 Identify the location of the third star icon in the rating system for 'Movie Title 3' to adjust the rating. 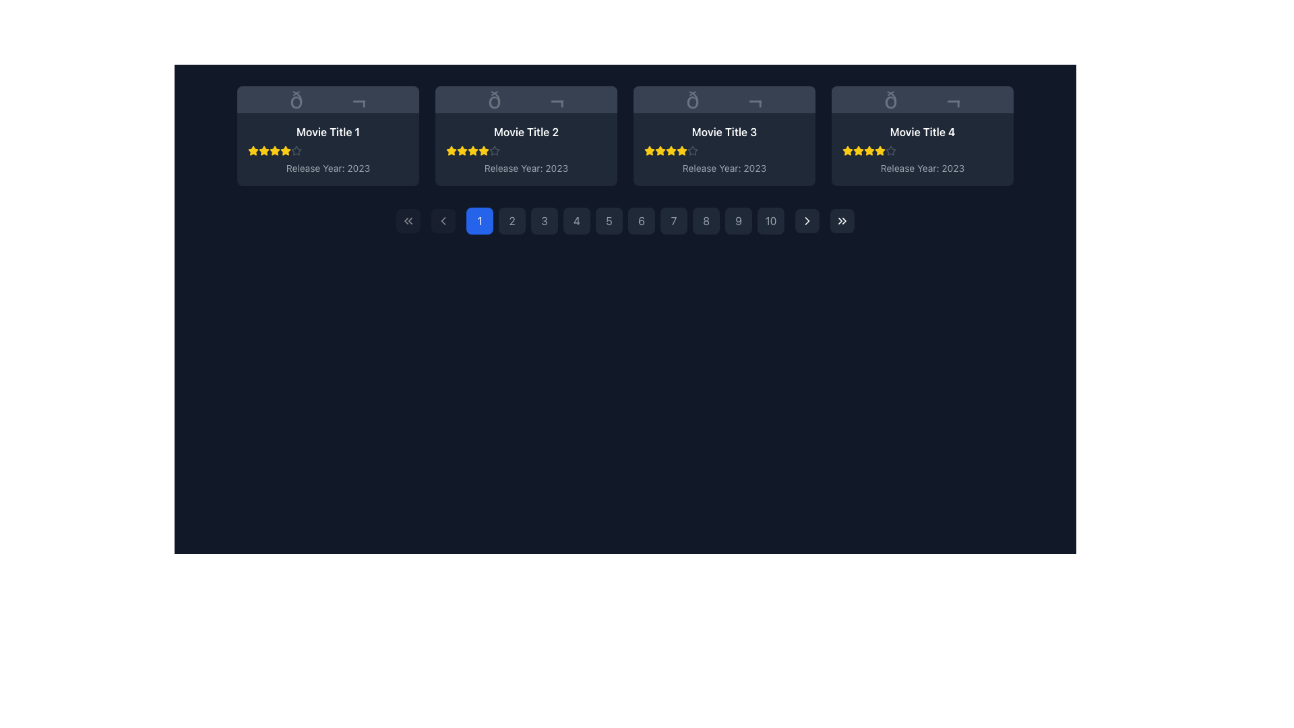
(681, 150).